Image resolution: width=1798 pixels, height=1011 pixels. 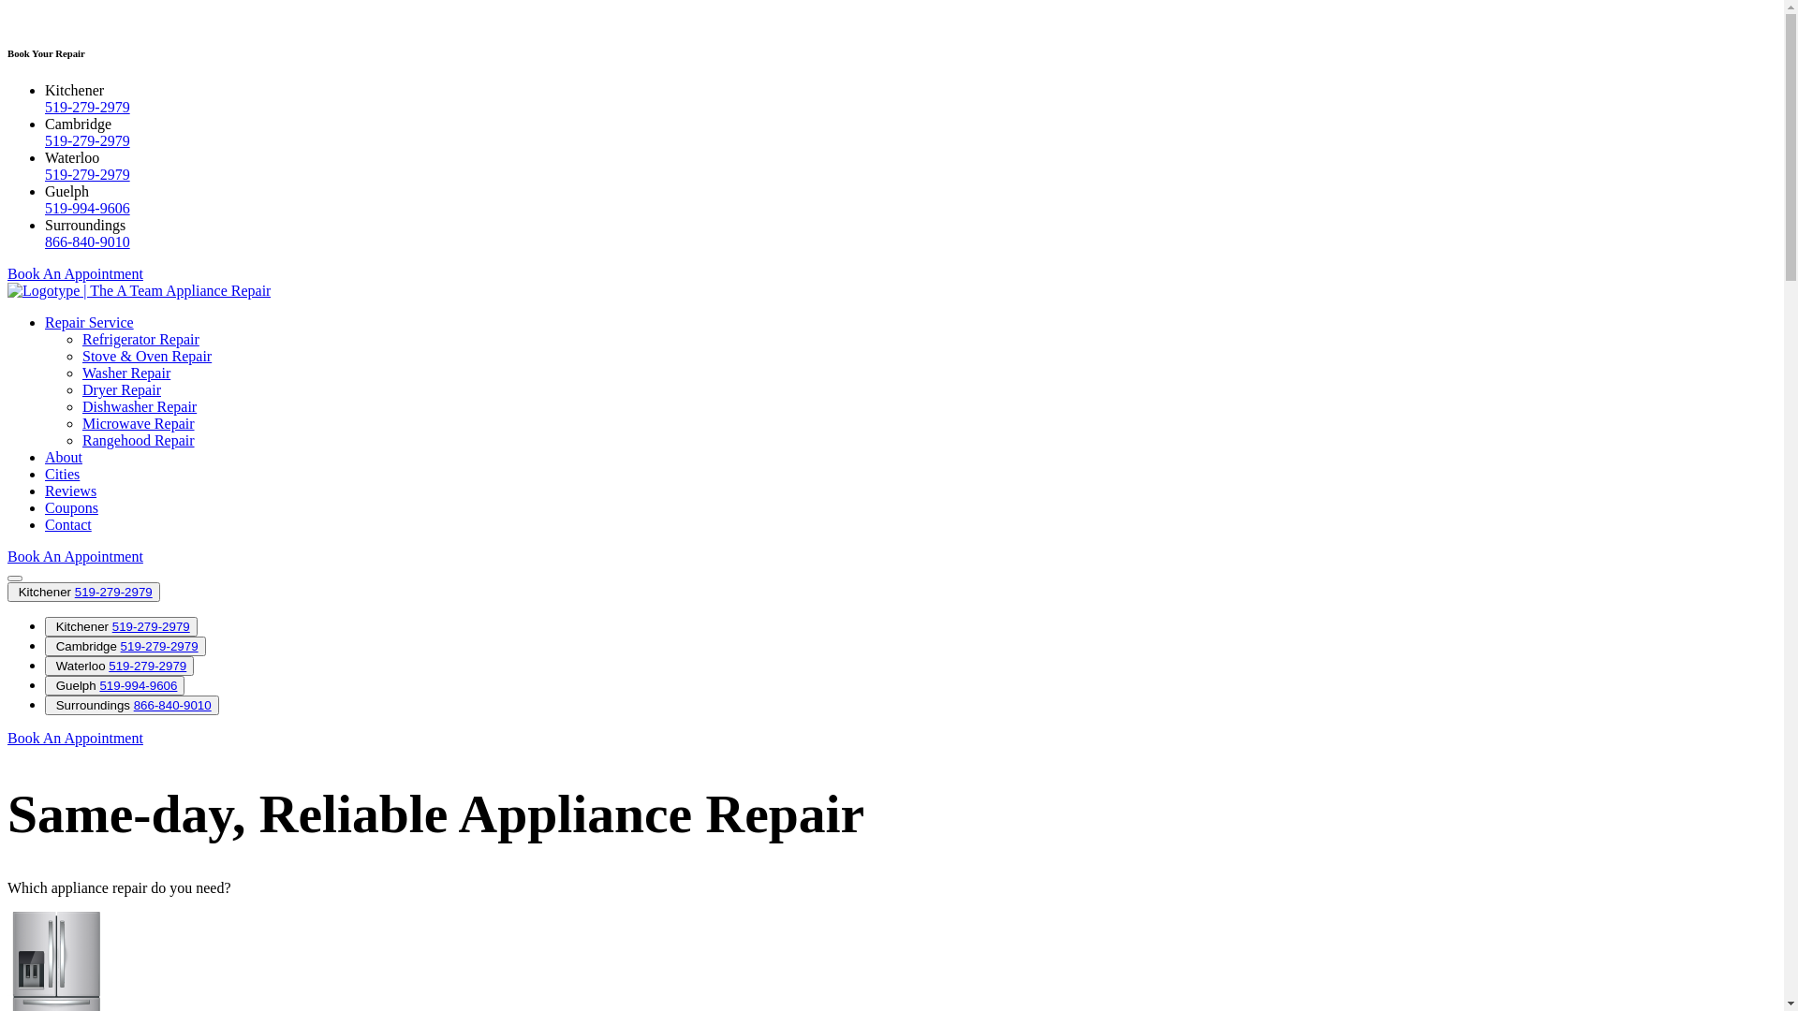 I want to click on 'Coupons', so click(x=71, y=507).